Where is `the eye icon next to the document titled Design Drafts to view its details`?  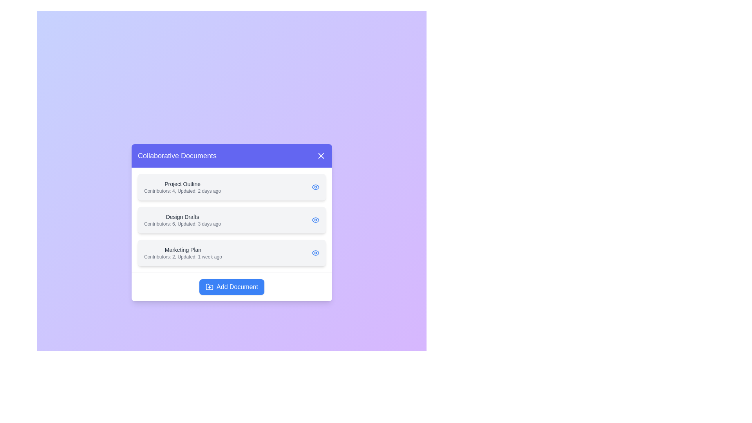 the eye icon next to the document titled Design Drafts to view its details is located at coordinates (316, 220).